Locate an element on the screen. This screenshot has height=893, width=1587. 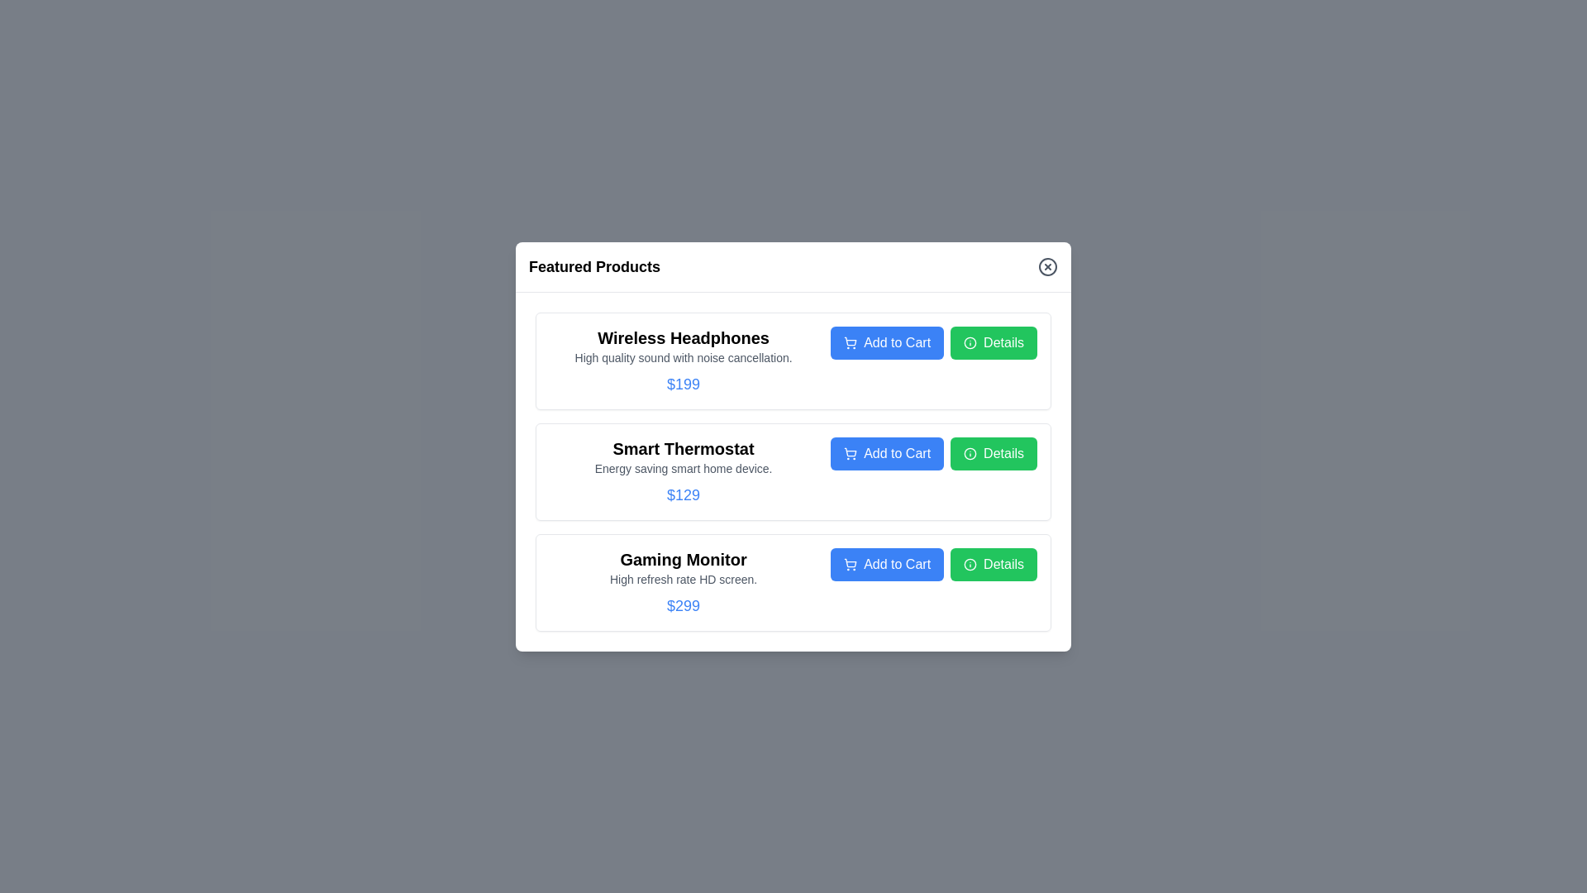
the close button located at the top-right corner of the dialog is located at coordinates (1046, 265).